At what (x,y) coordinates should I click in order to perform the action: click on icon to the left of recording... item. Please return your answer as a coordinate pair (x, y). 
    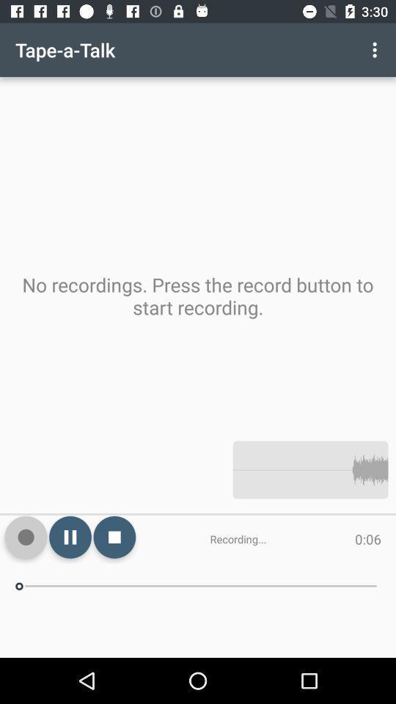
    Looking at the image, I should click on (114, 536).